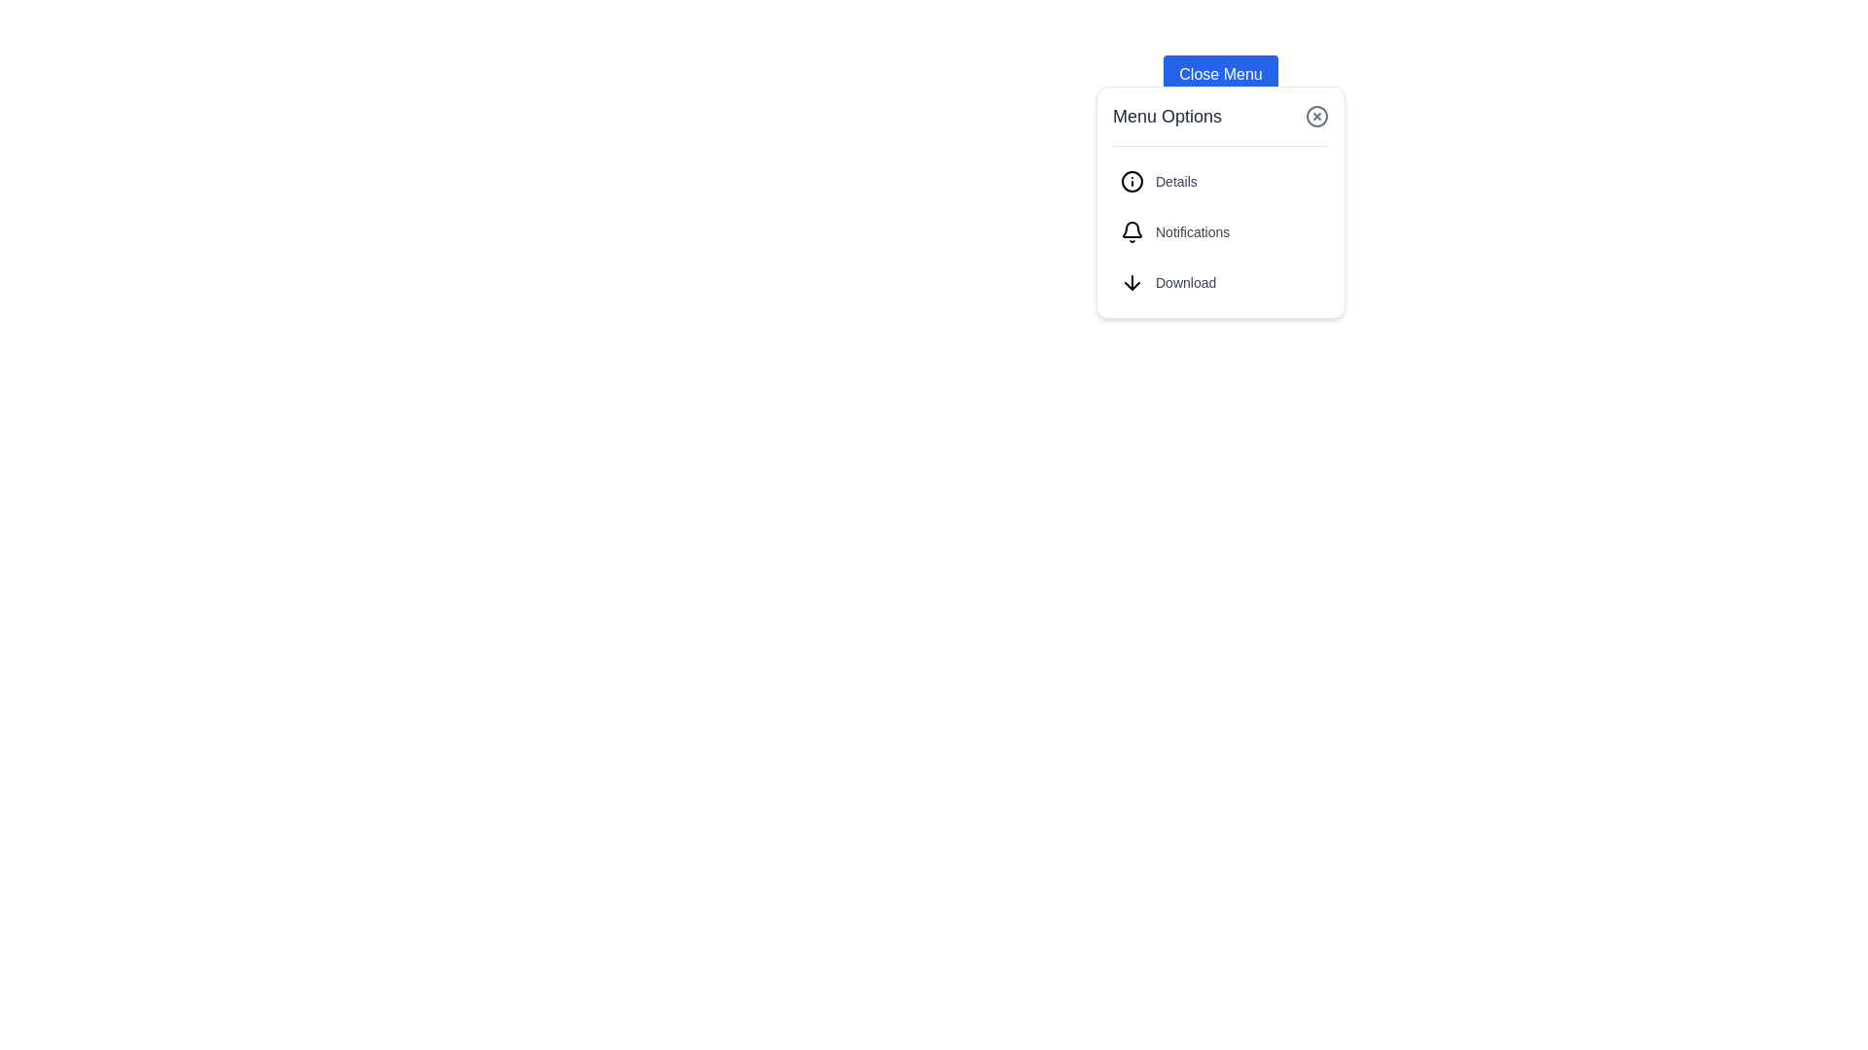  I want to click on the clickable menu item featuring a bell icon and the text 'Notifications', which is the second item in the vertical menu group, so click(1219, 231).